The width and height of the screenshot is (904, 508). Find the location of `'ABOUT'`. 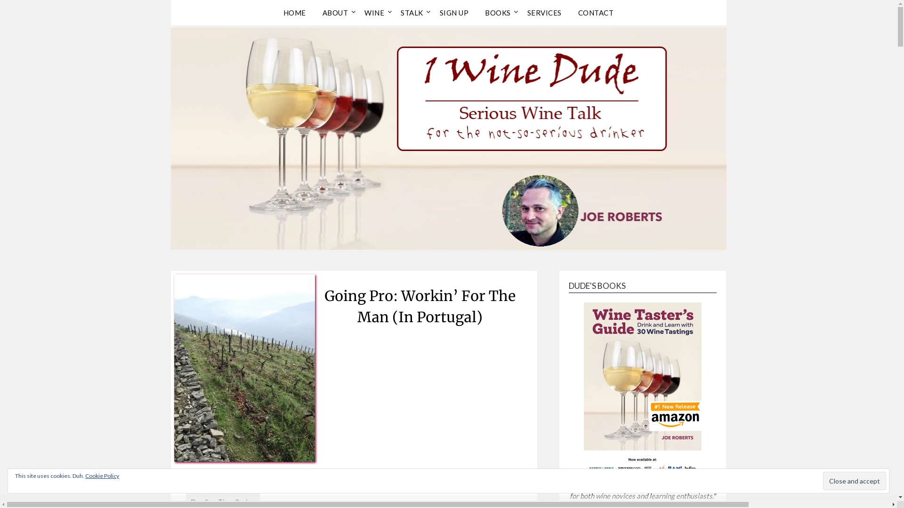

'ABOUT' is located at coordinates (315, 13).